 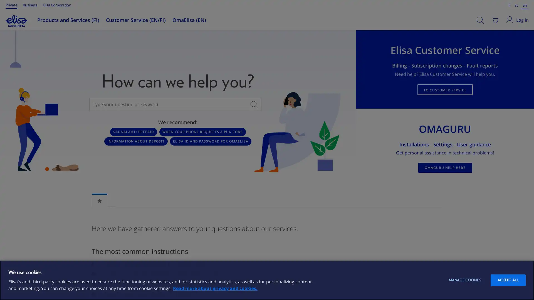 What do you see at coordinates (147, 62) in the screenshot?
I see `Continue shopping` at bounding box center [147, 62].